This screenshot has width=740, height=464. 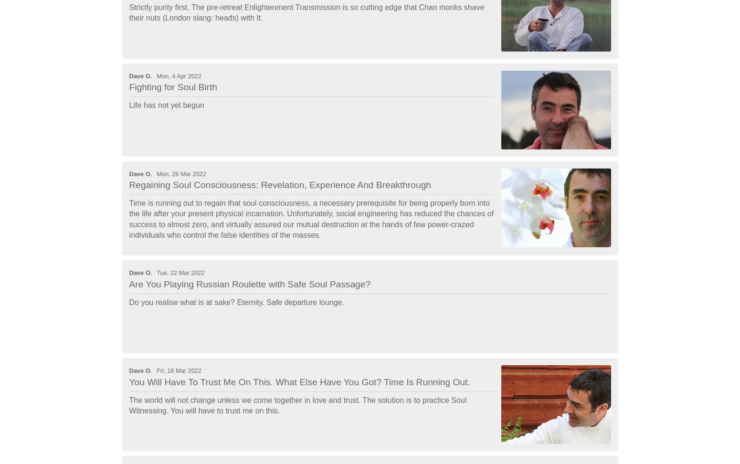 I want to click on 'Life has not yet begun', so click(x=129, y=104).